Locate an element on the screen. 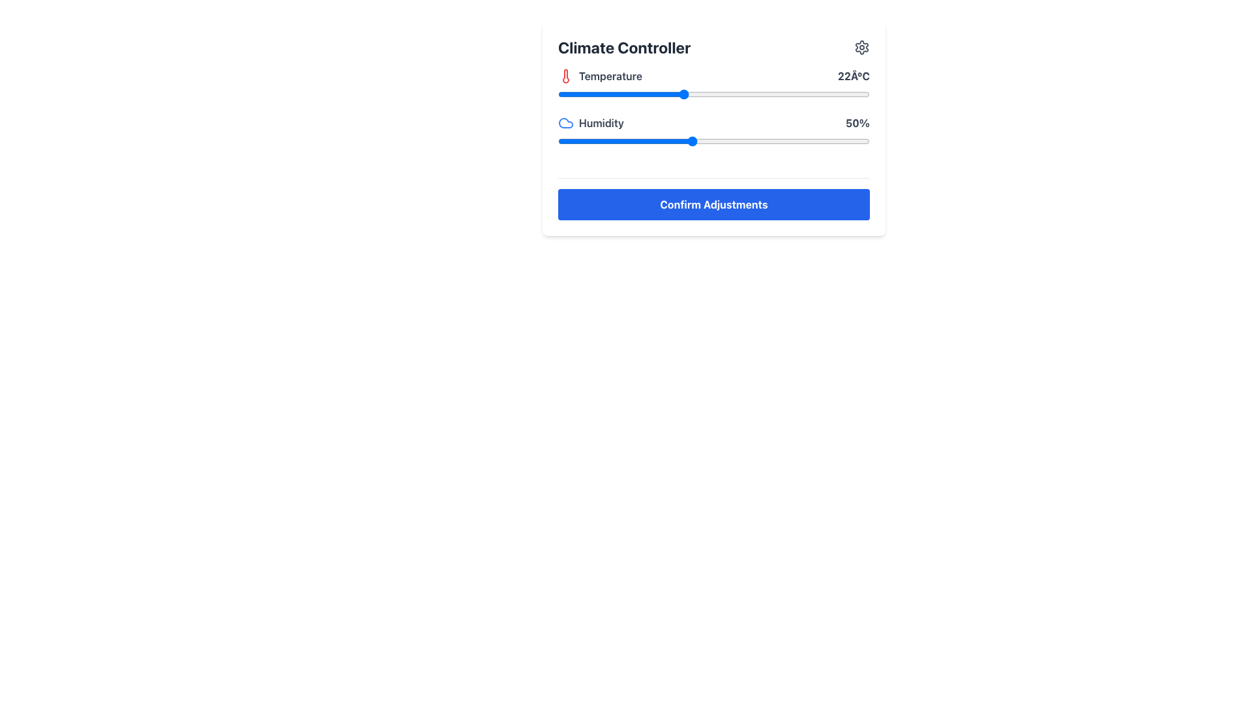 The width and height of the screenshot is (1252, 704). humidity is located at coordinates (571, 141).